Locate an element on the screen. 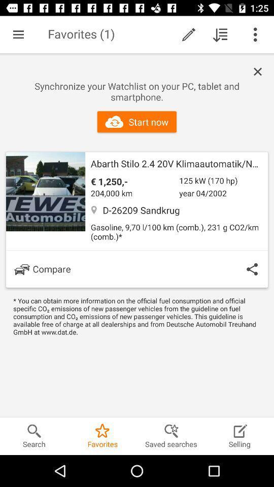 Image resolution: width=274 pixels, height=487 pixels. item next to the favorites (1) icon is located at coordinates (18, 34).